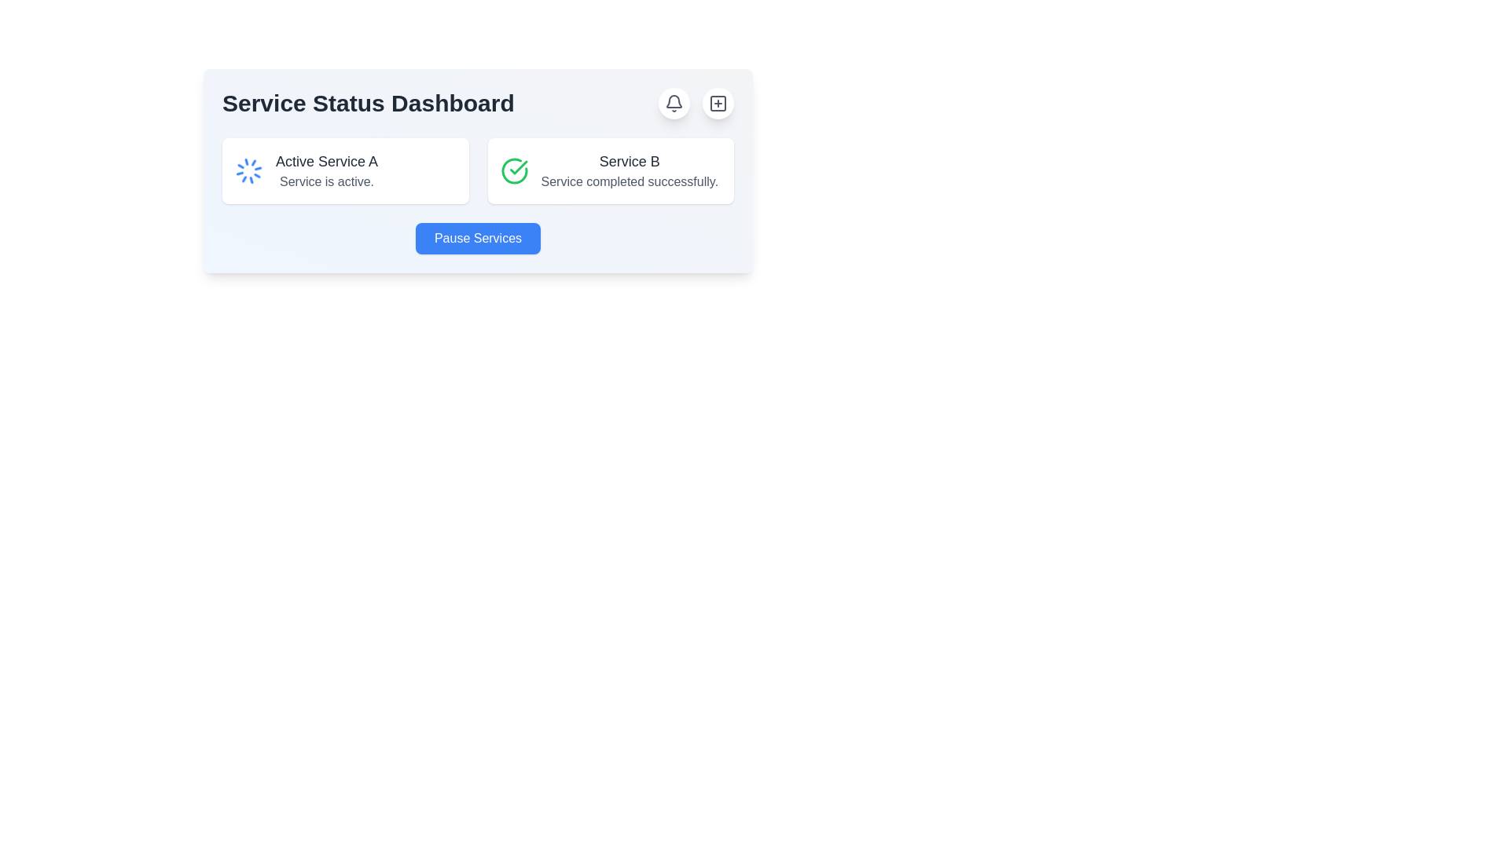 The image size is (1509, 848). Describe the element at coordinates (248, 171) in the screenshot. I see `the Loader Icon, which is a spinning circle with colored segments located prominently in the left card under 'Active Service A' in the 'Service Status Dashboard' section` at that location.